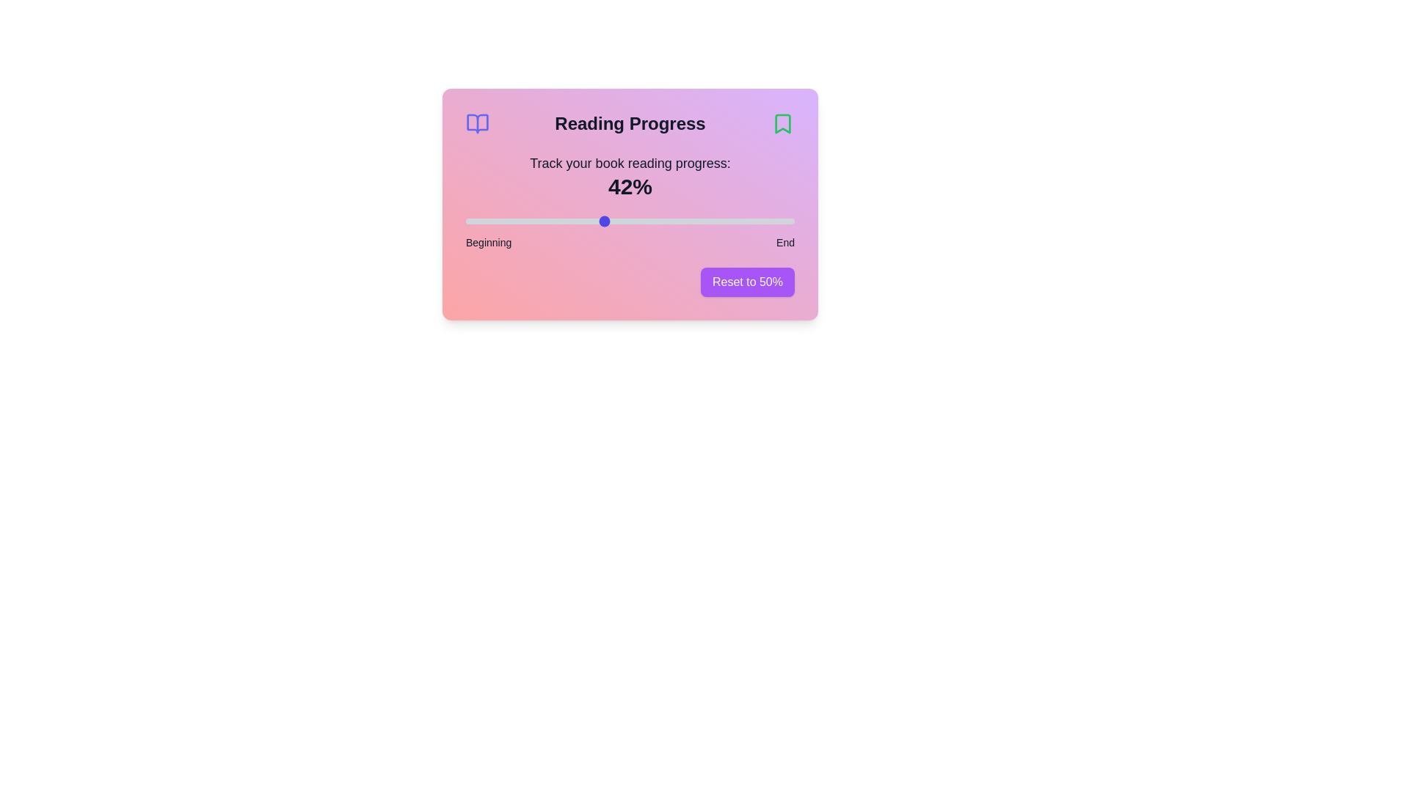 The width and height of the screenshot is (1409, 792). What do you see at coordinates (762, 221) in the screenshot?
I see `the reading progress slider to 90%` at bounding box center [762, 221].